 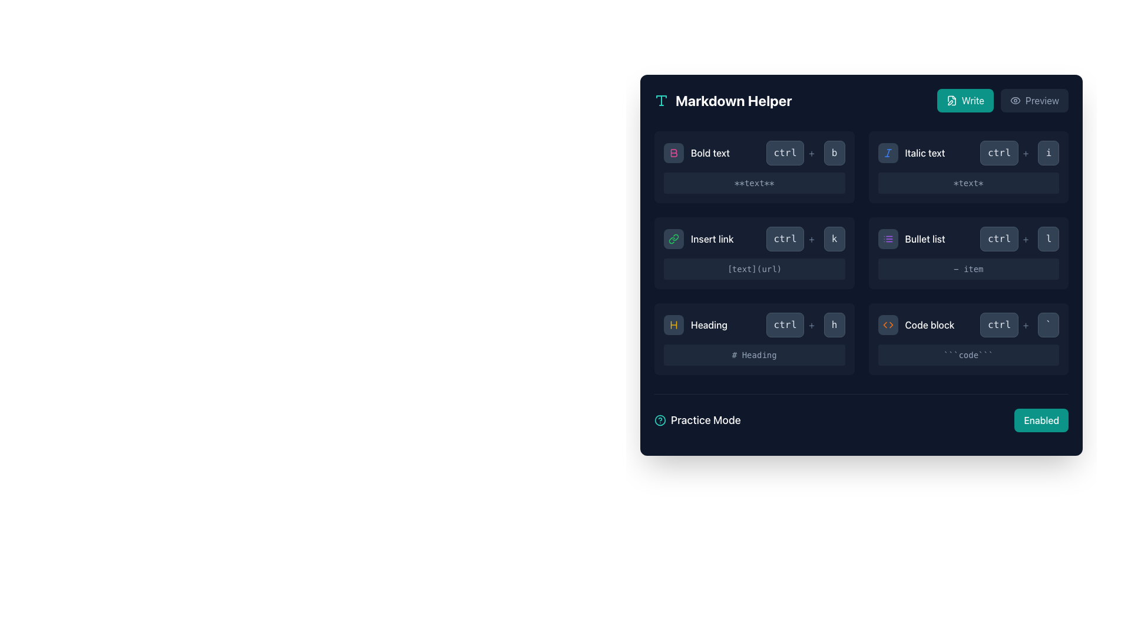 I want to click on the text content displayed in the Text Label that demonstrates bold text formatting in the Markdown Helper interface, located below the 'Bold text ctrl+b' description, so click(x=754, y=183).